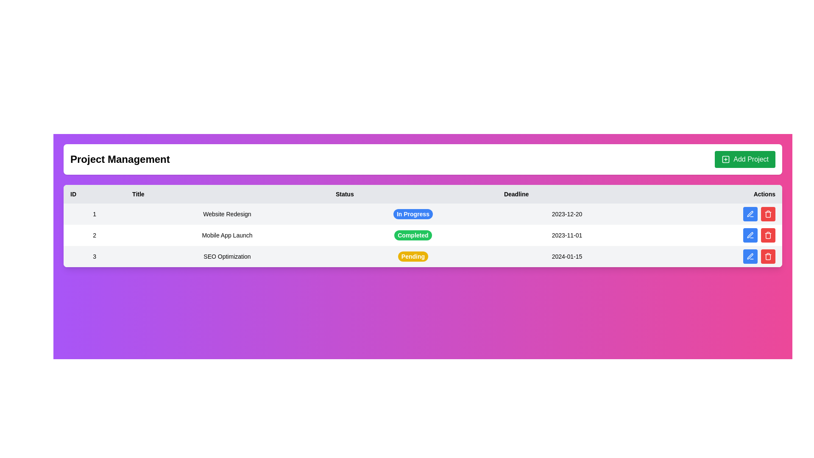 This screenshot has width=814, height=458. What do you see at coordinates (750, 214) in the screenshot?
I see `the edit icon located inside the blue button in the 'Actions' column of the first row of the 'Project Management' table` at bounding box center [750, 214].